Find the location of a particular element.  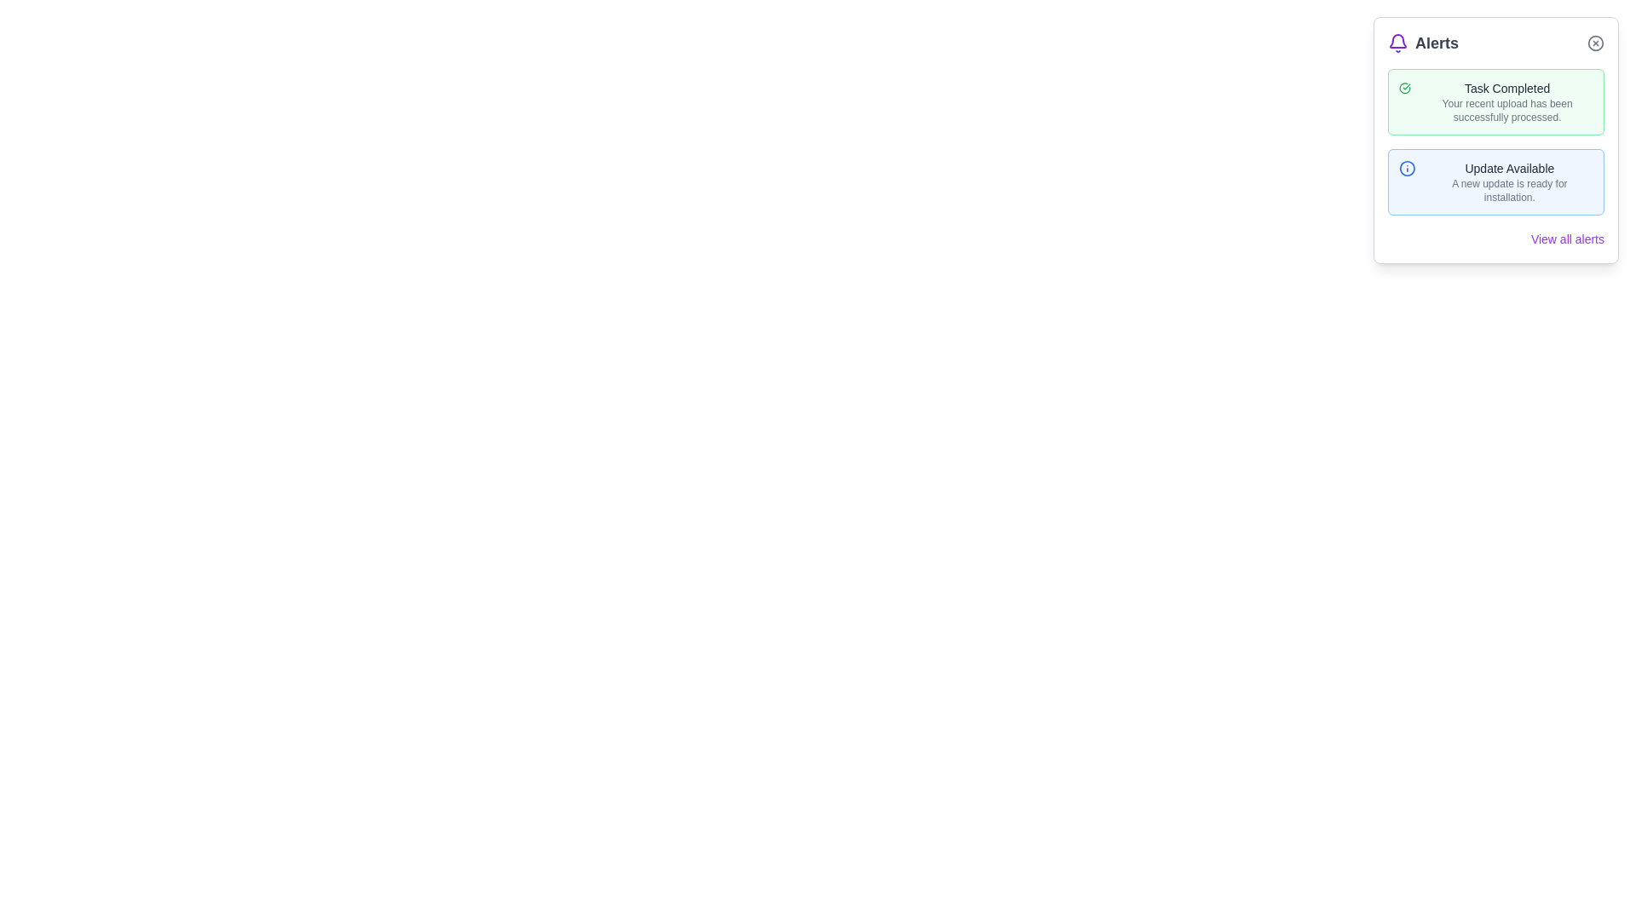

the Notification box that indicates a new update is ready for installation, positioned below the 'Task Completed' notification in the 'Alerts' panel is located at coordinates (1495, 181).